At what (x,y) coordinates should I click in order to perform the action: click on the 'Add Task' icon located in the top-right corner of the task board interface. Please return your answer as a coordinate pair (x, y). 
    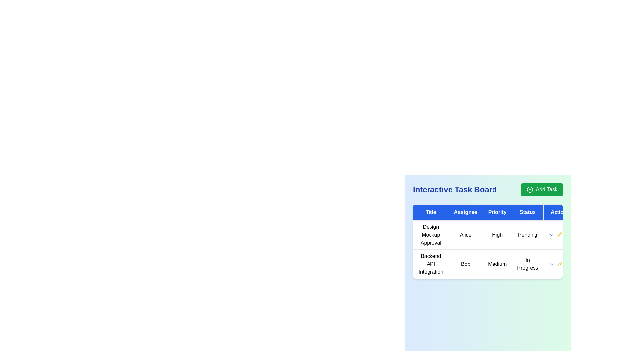
    Looking at the image, I should click on (530, 189).